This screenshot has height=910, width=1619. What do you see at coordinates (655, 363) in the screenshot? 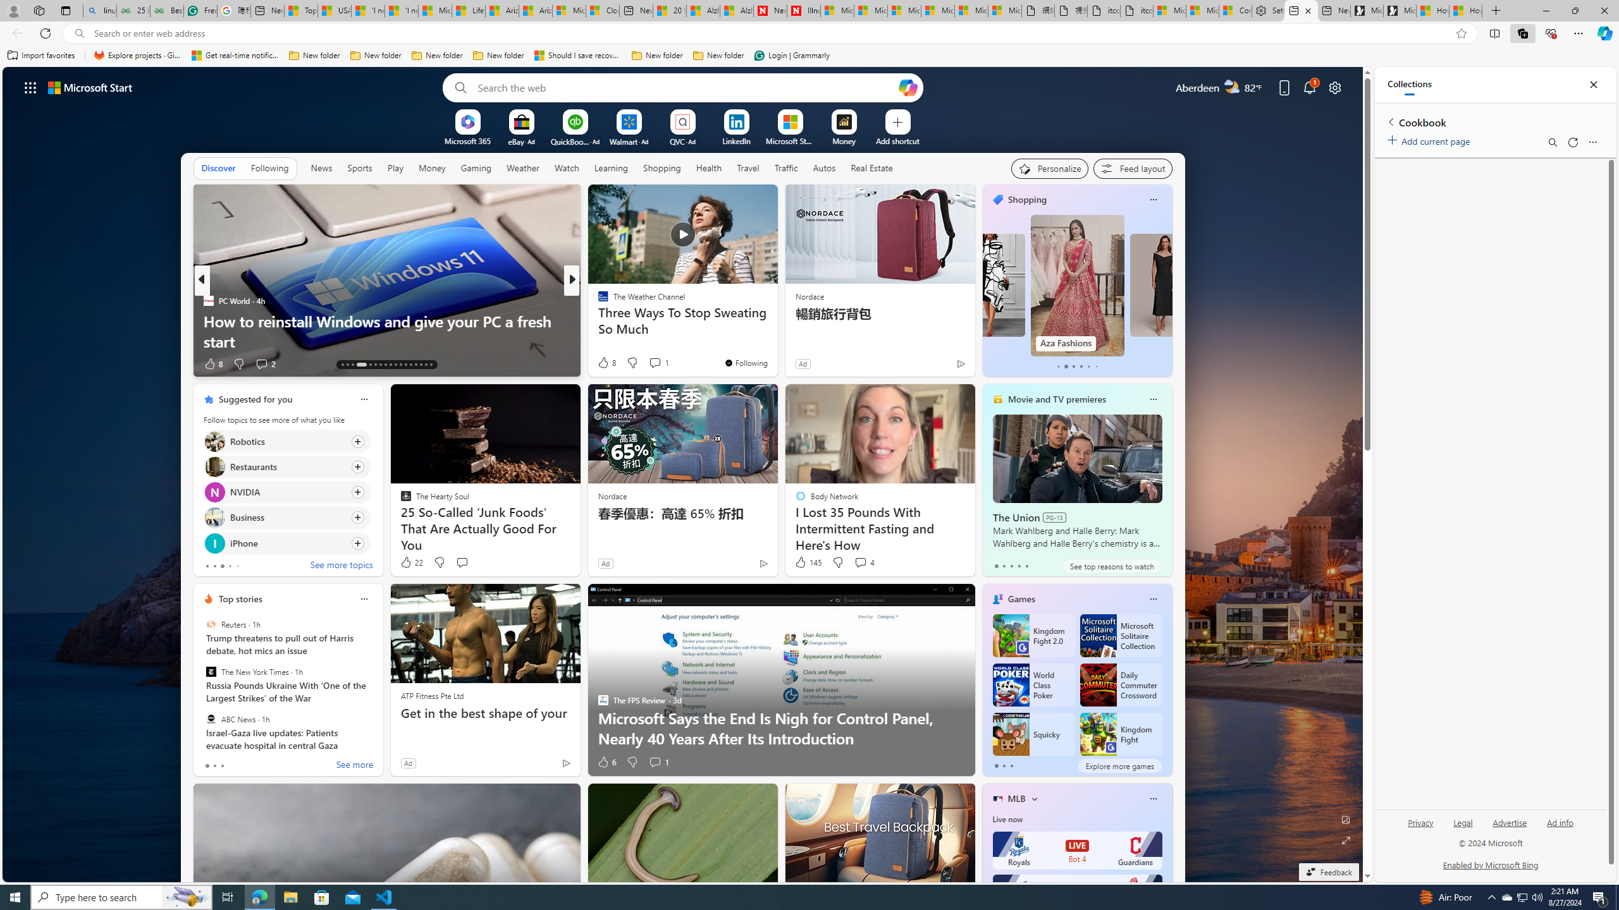
I see `'View comments 319 Comment'` at bounding box center [655, 363].